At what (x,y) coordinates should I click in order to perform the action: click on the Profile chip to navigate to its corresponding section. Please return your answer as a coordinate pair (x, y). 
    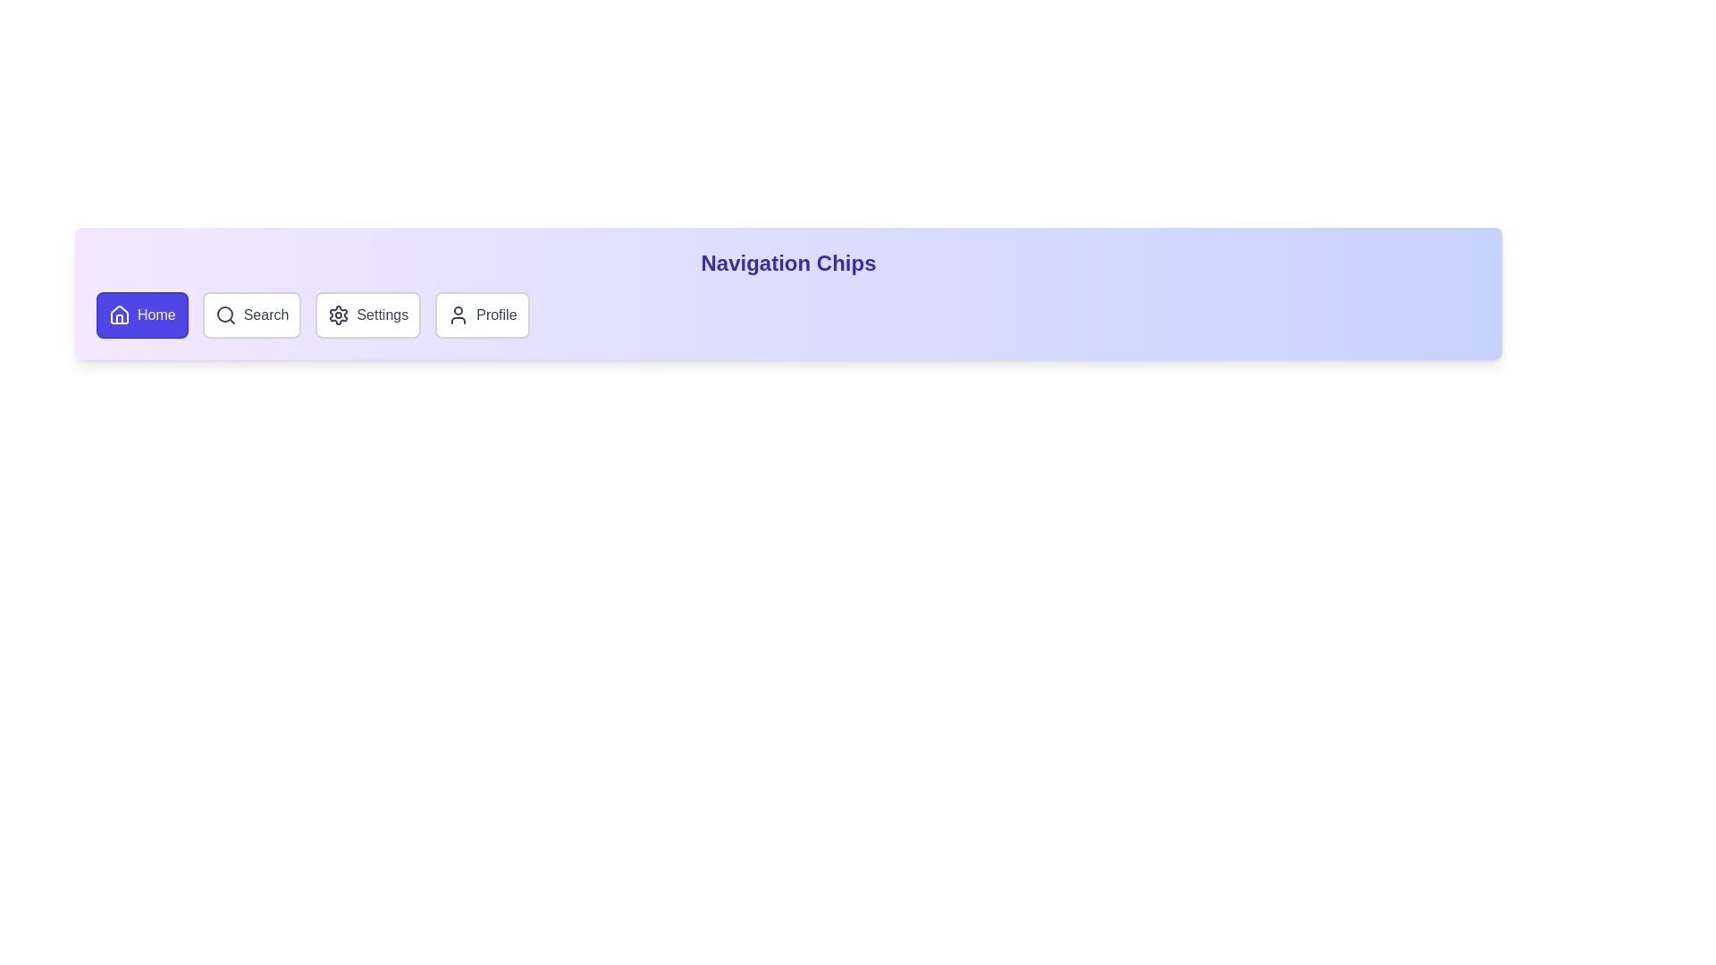
    Looking at the image, I should click on (481, 315).